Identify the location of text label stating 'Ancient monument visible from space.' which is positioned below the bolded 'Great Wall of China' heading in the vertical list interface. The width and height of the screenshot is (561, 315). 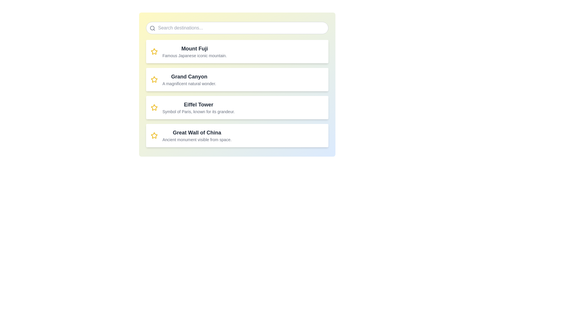
(197, 139).